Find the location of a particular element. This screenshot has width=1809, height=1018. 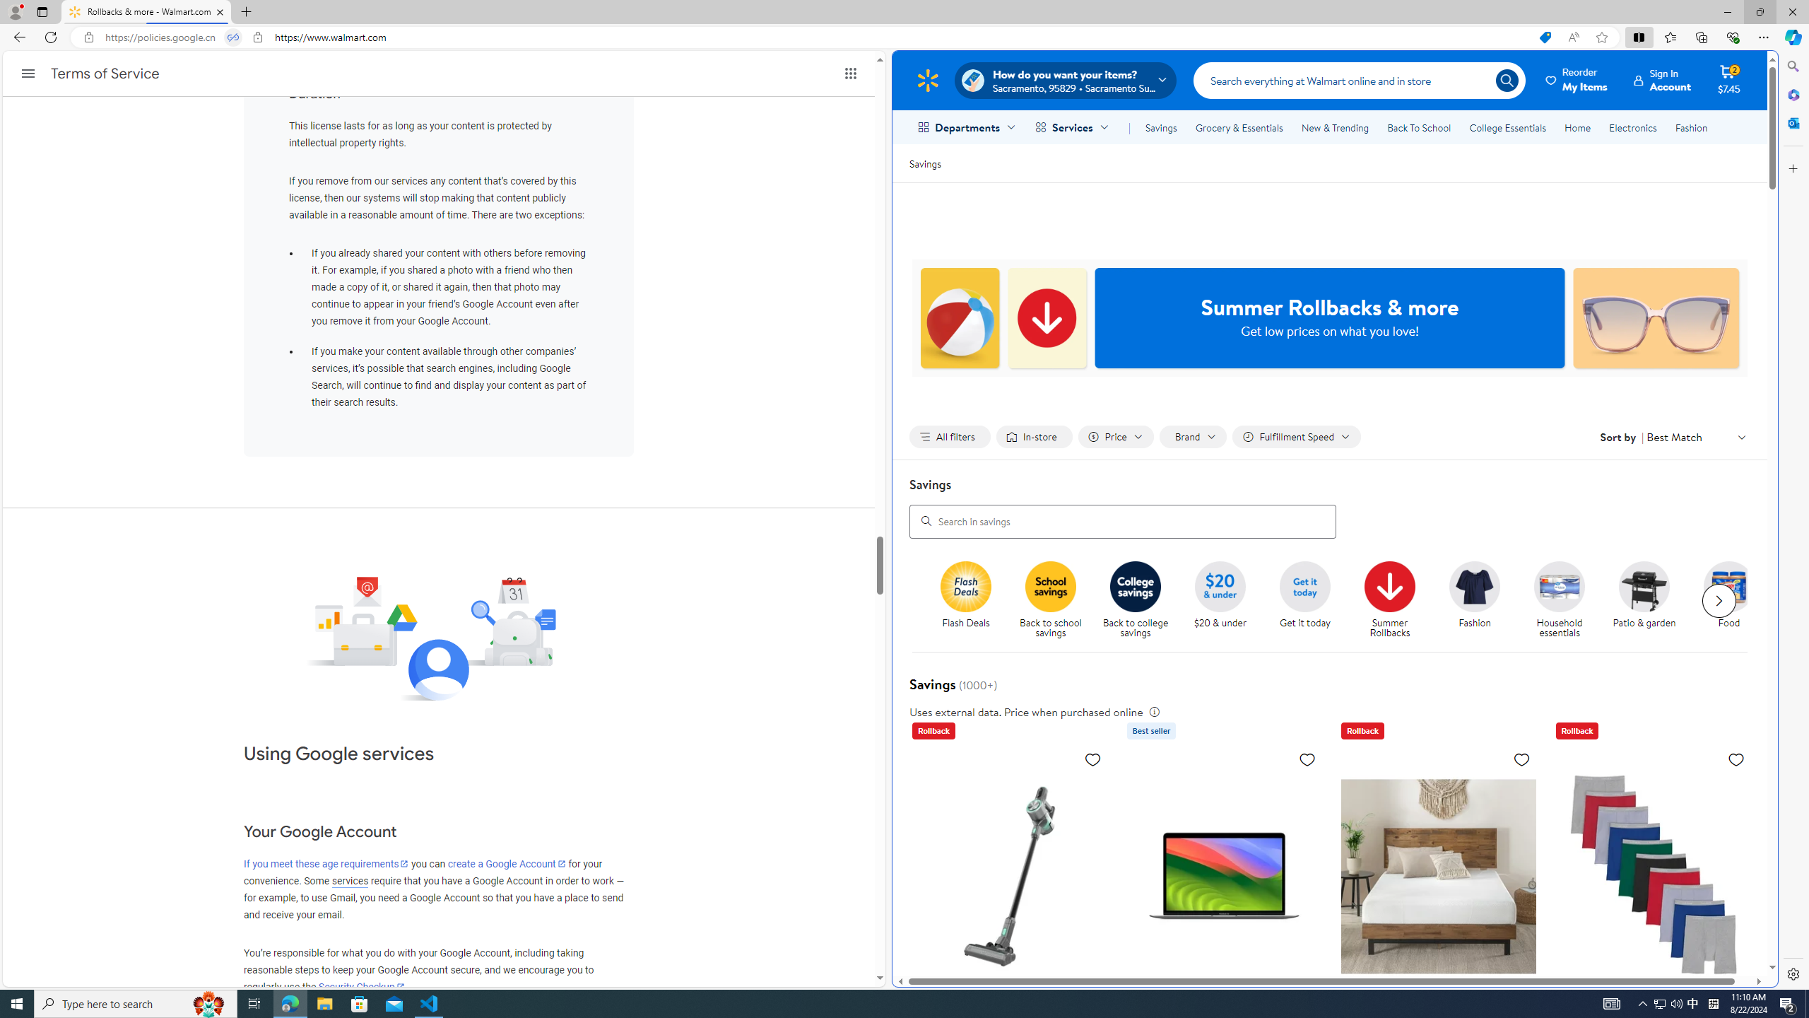

'Cart contains 2 items Total Amount $7.45' is located at coordinates (1728, 79).